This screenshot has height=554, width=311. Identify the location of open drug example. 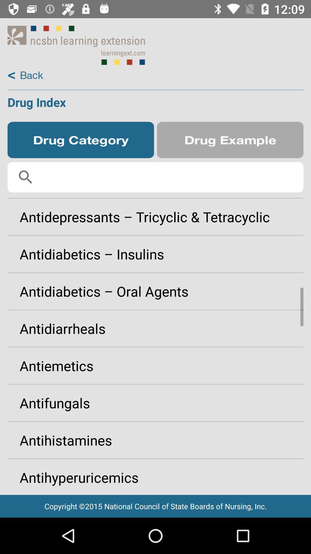
(230, 140).